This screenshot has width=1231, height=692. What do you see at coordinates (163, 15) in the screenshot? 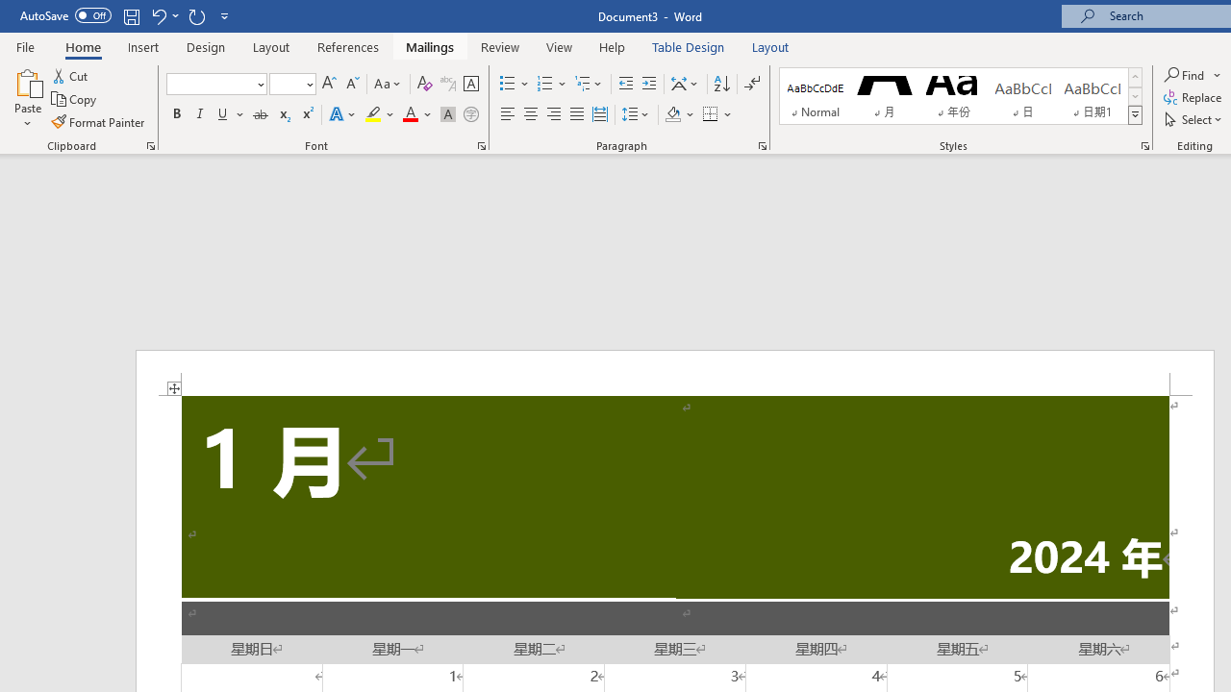
I see `'Undo Distribute Para'` at bounding box center [163, 15].